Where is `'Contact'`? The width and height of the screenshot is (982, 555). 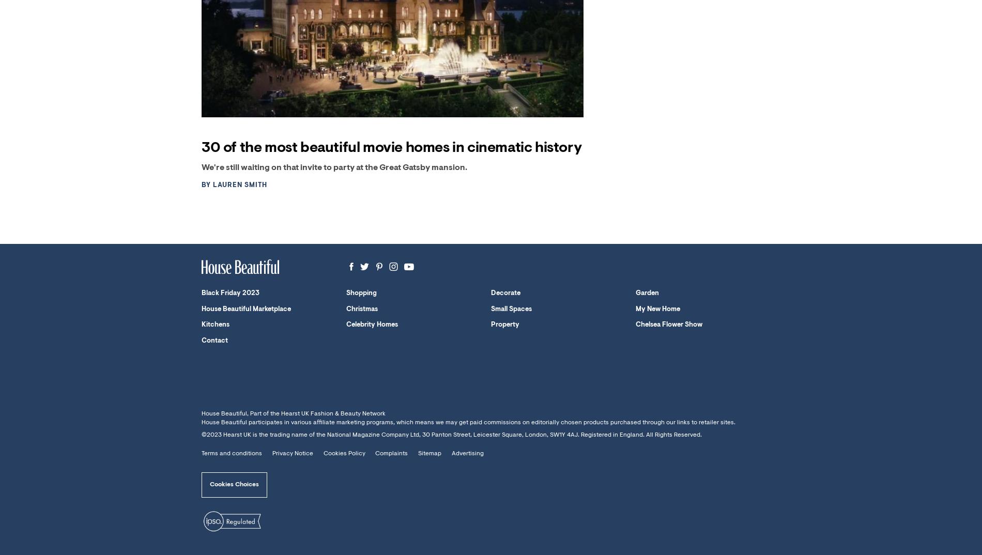 'Contact' is located at coordinates (201, 340).